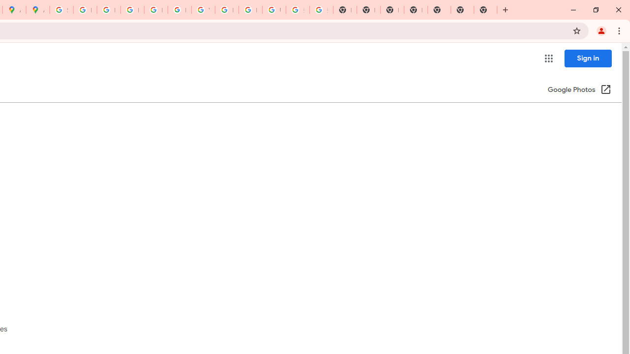 The height and width of the screenshot is (354, 630). What do you see at coordinates (108, 10) in the screenshot?
I see `'Privacy Help Center - Policies Help'` at bounding box center [108, 10].